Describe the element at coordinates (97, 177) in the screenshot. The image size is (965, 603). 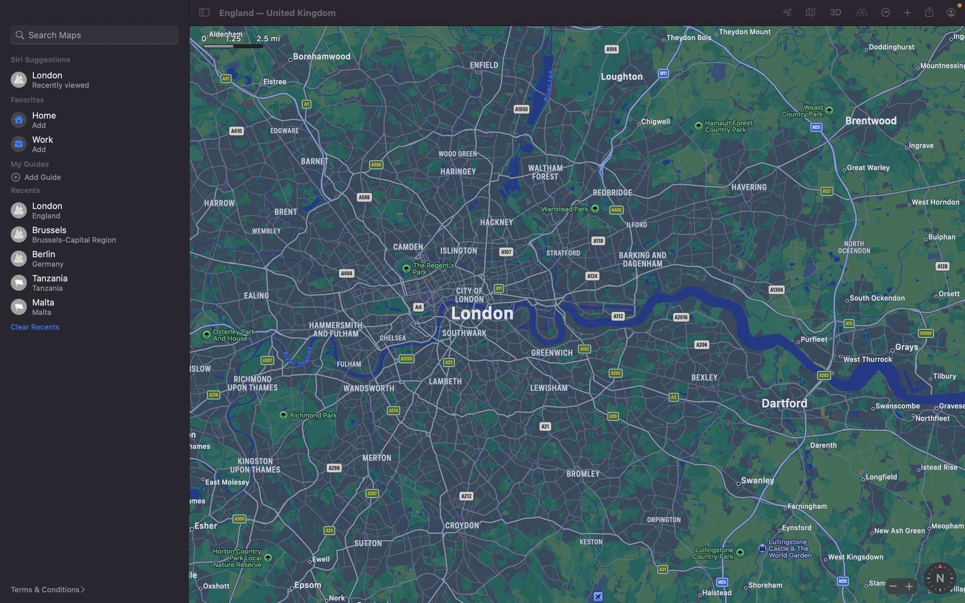
I see `Insert a fresh guide for exploration` at that location.